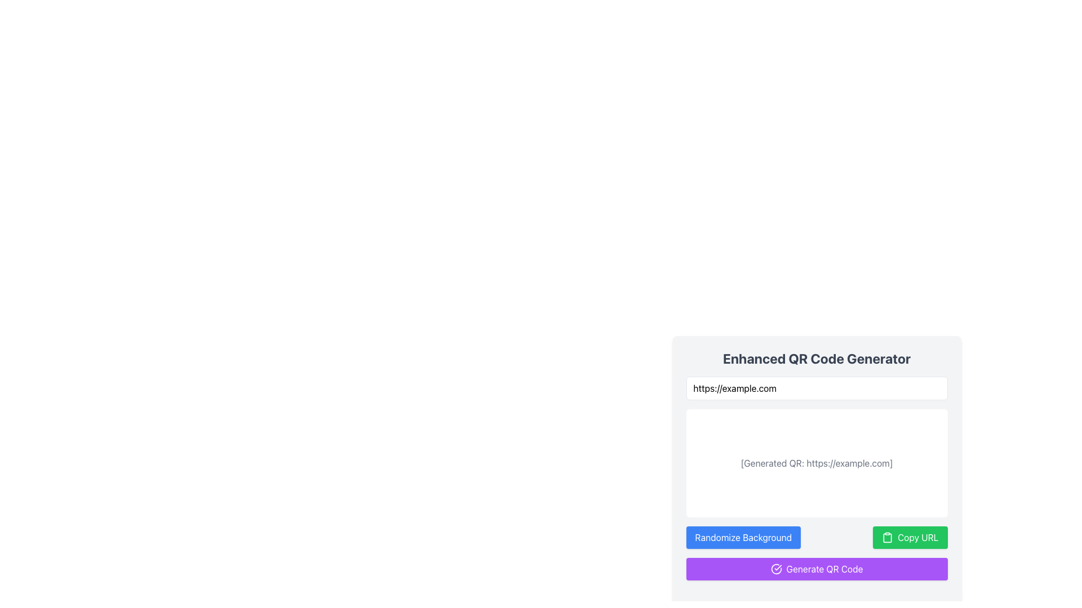 The width and height of the screenshot is (1082, 608). What do you see at coordinates (775, 569) in the screenshot?
I see `the icon that visually indicates the functionality of the 'Generate QR Code' button, which is positioned on the left side of the button below the input and QR code display section` at bounding box center [775, 569].